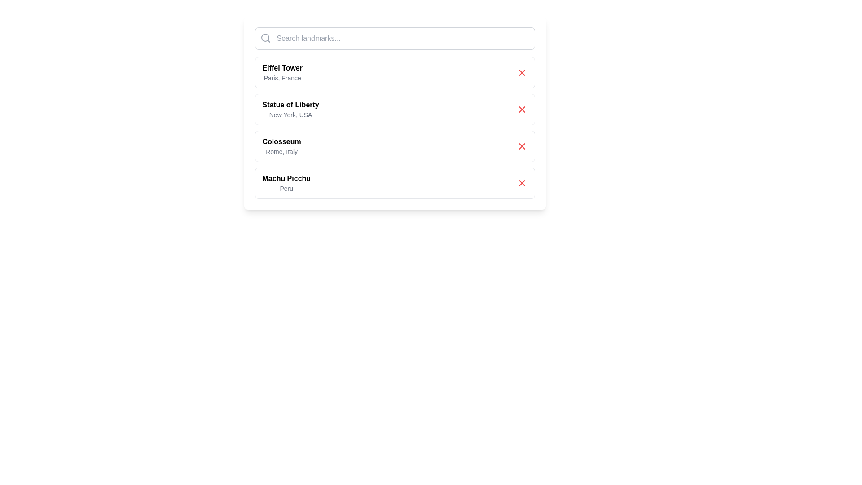  What do you see at coordinates (395, 109) in the screenshot?
I see `the List item containing 'Statue of Liberty' and 'New York, USA'` at bounding box center [395, 109].